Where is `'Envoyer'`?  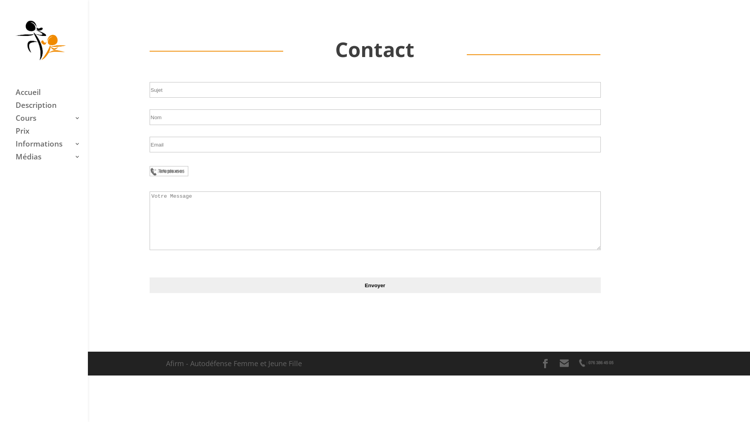
'Envoyer' is located at coordinates (149, 285).